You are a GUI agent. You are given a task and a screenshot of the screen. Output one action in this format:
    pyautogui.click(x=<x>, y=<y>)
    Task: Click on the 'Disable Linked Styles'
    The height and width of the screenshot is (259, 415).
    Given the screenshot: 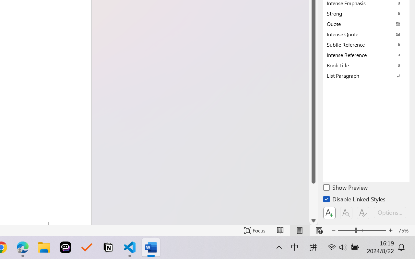 What is the action you would take?
    pyautogui.click(x=355, y=200)
    